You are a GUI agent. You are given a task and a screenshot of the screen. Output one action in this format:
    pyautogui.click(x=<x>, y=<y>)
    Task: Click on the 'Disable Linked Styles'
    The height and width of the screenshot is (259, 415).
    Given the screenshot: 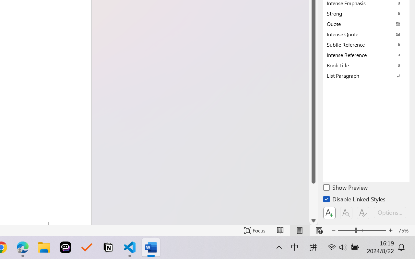 What is the action you would take?
    pyautogui.click(x=355, y=200)
    